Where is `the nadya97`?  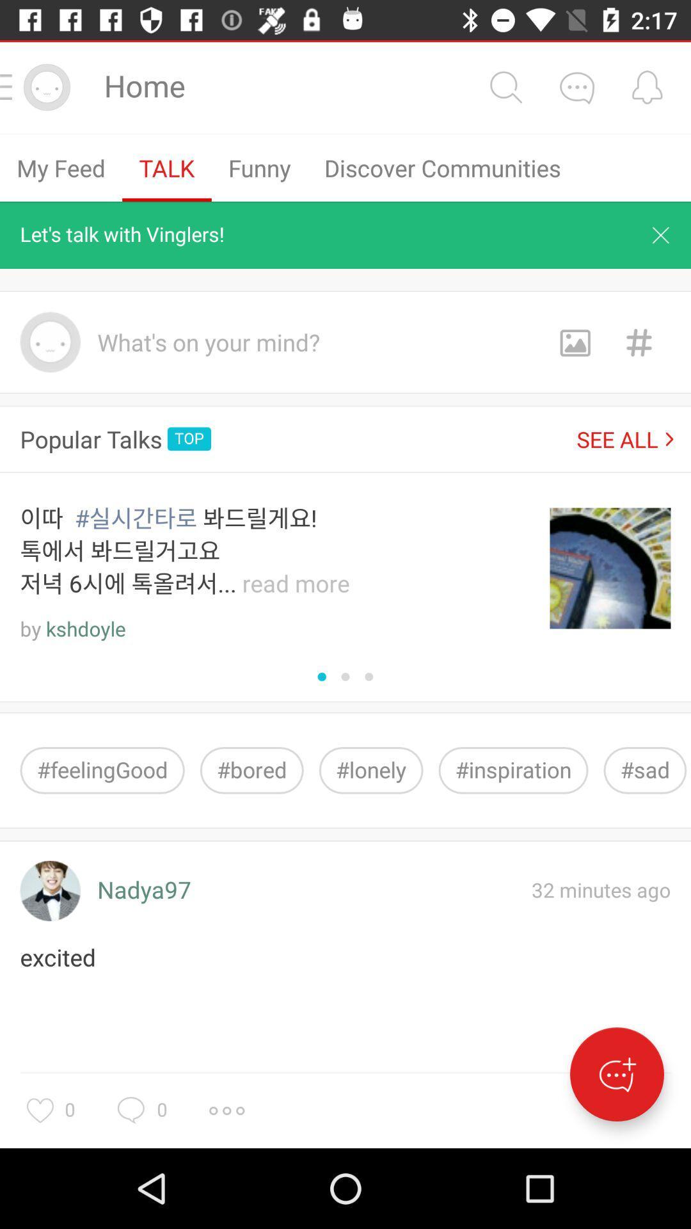
the nadya97 is located at coordinates (144, 890).